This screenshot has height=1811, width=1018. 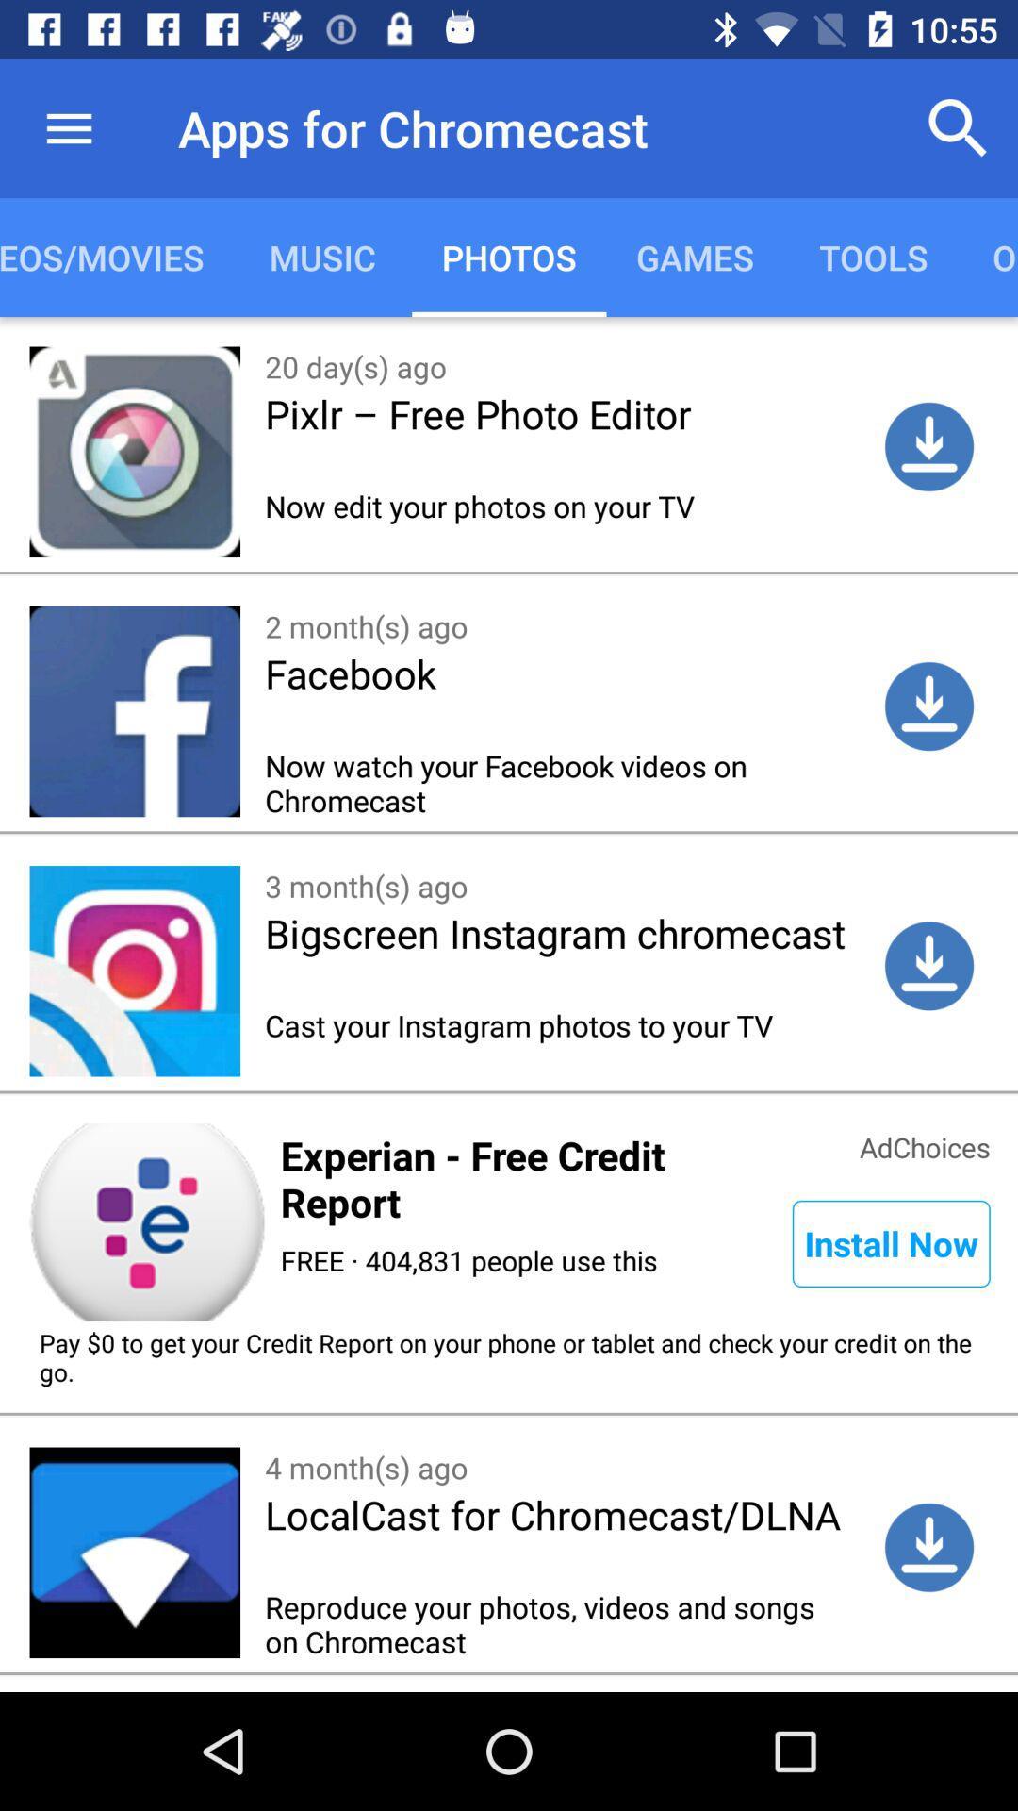 I want to click on install now icon, so click(x=891, y=1243).